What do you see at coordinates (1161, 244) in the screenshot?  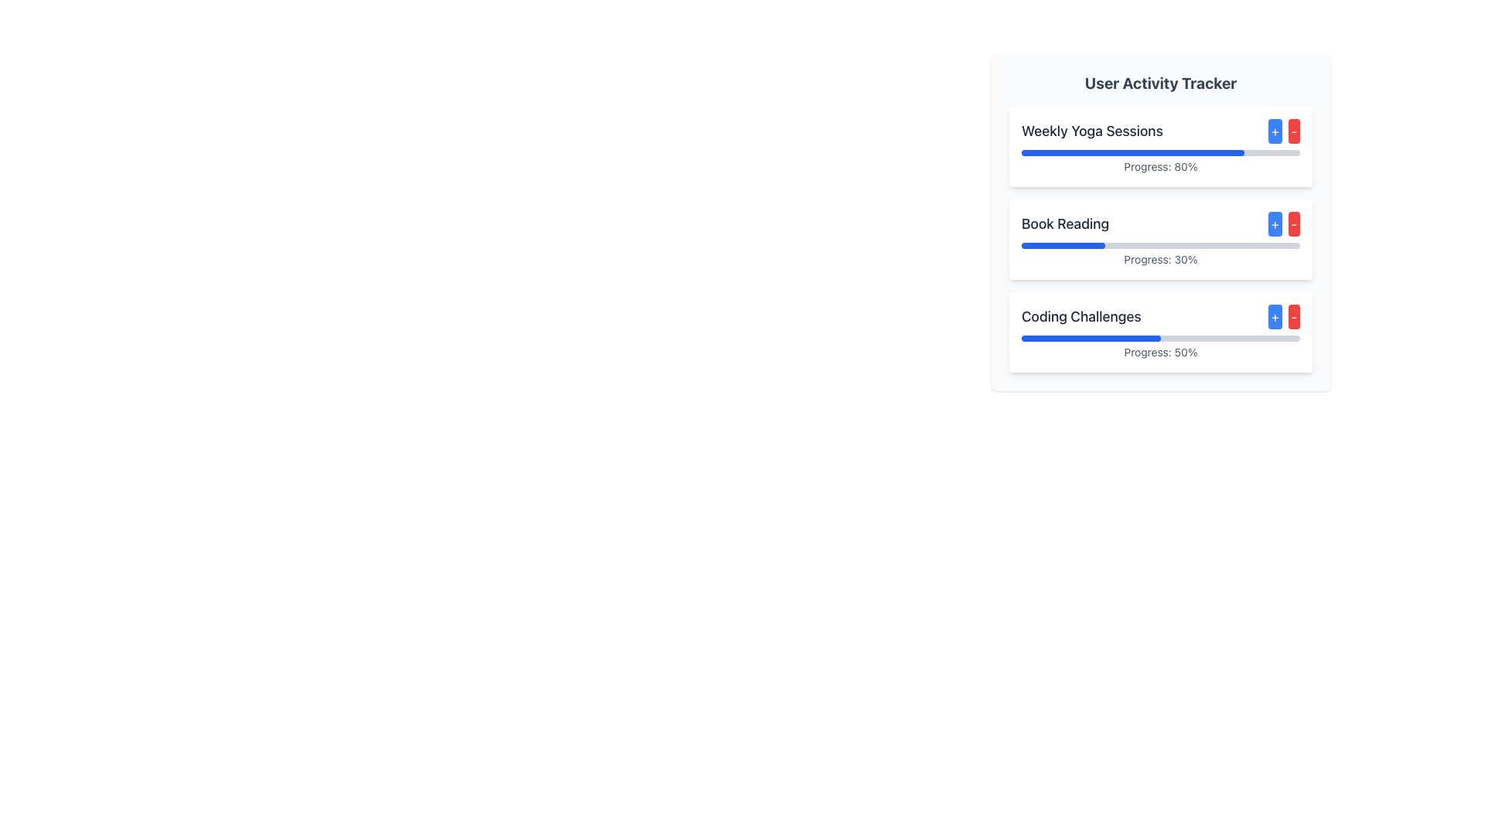 I see `the horizontal progress bar indicating 30% progress in the 'Book Reading' section of the user activity tracker` at bounding box center [1161, 244].